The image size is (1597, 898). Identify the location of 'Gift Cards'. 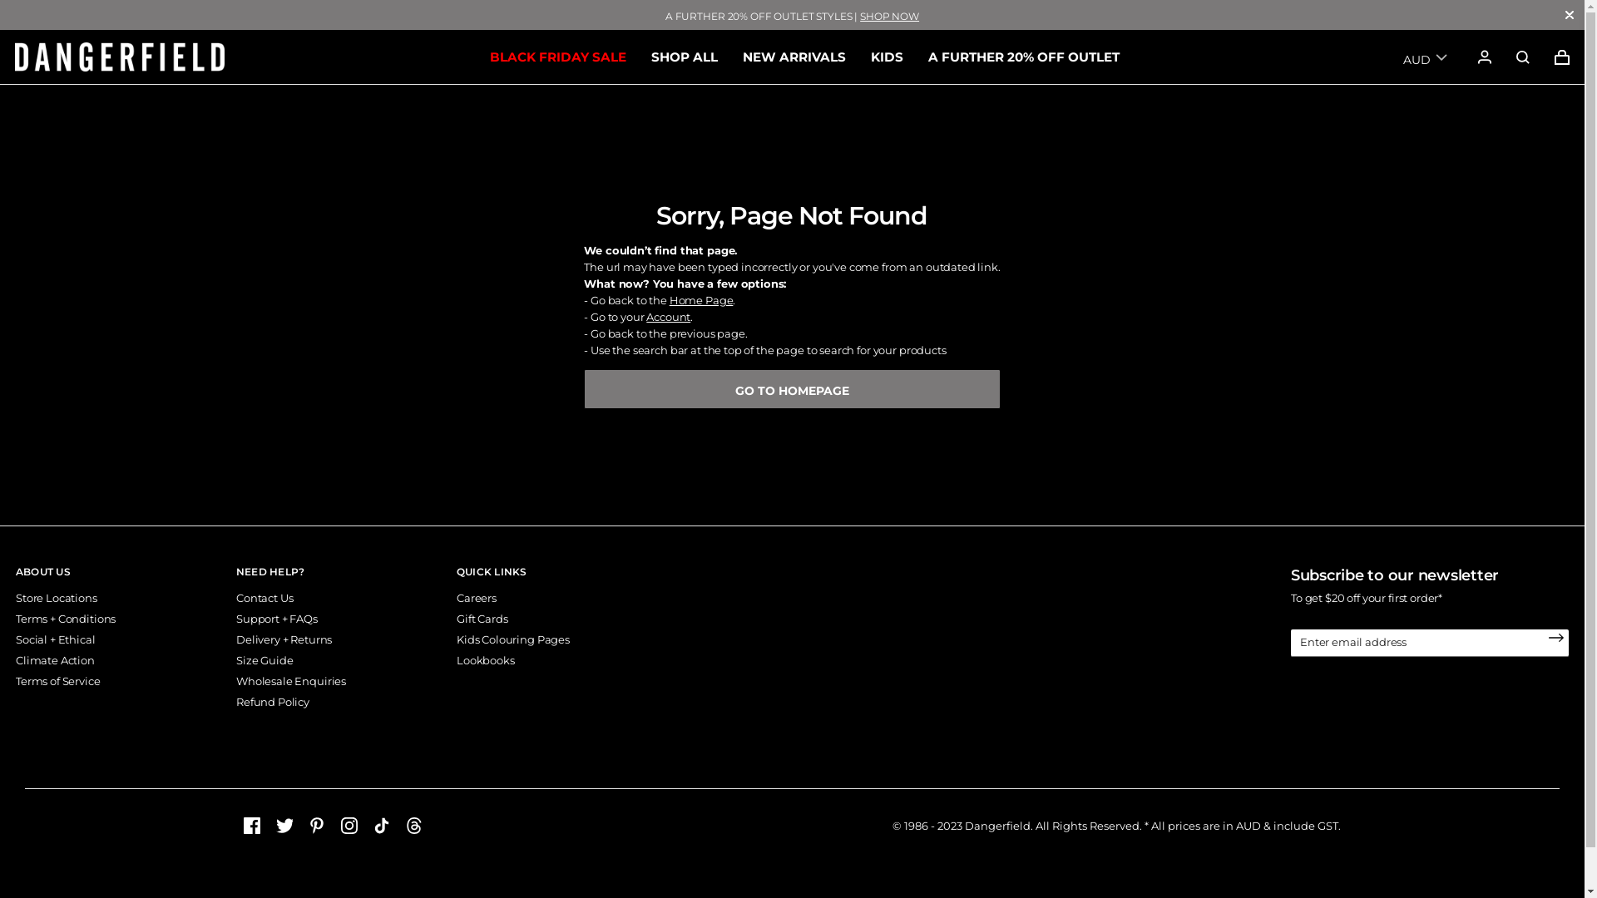
(482, 619).